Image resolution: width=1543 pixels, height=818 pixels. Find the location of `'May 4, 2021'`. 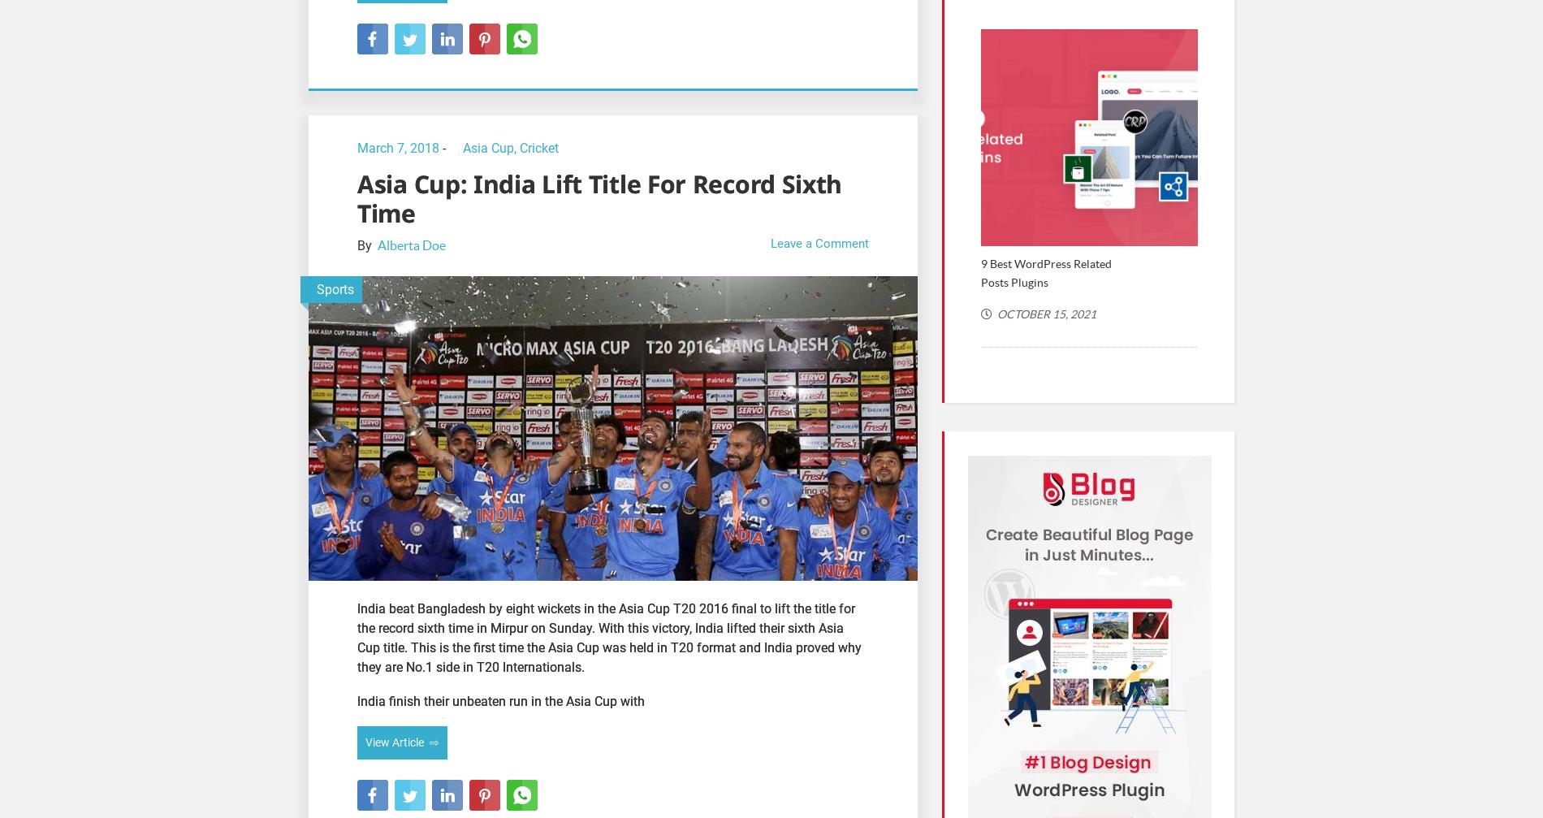

'May 4, 2021' is located at coordinates (1459, 313).